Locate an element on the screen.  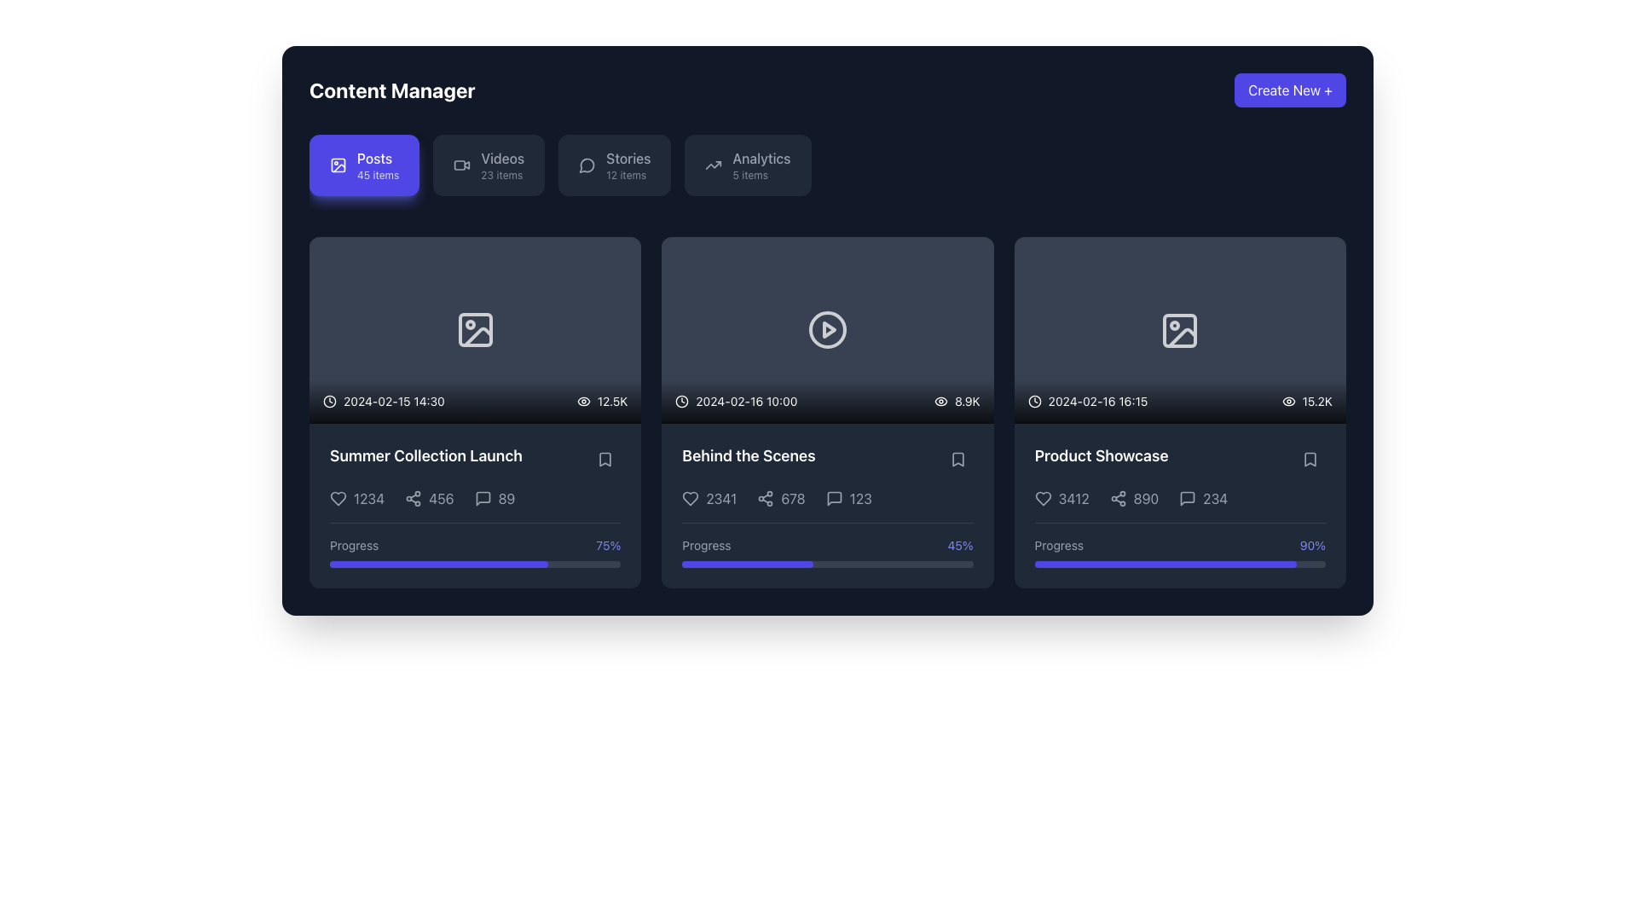
the 'Stories' text label, which is a medium-weight font in a light color, part of the navigational menu at the top-center of the page is located at coordinates (628, 158).